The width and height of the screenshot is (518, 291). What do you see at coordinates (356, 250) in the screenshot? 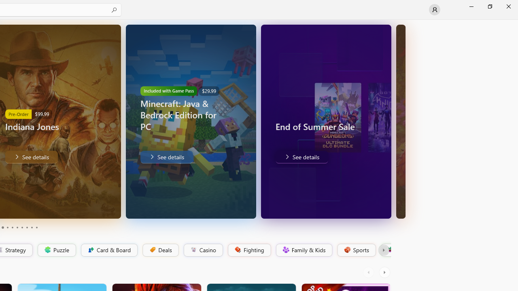
I see `'Sports'` at bounding box center [356, 250].